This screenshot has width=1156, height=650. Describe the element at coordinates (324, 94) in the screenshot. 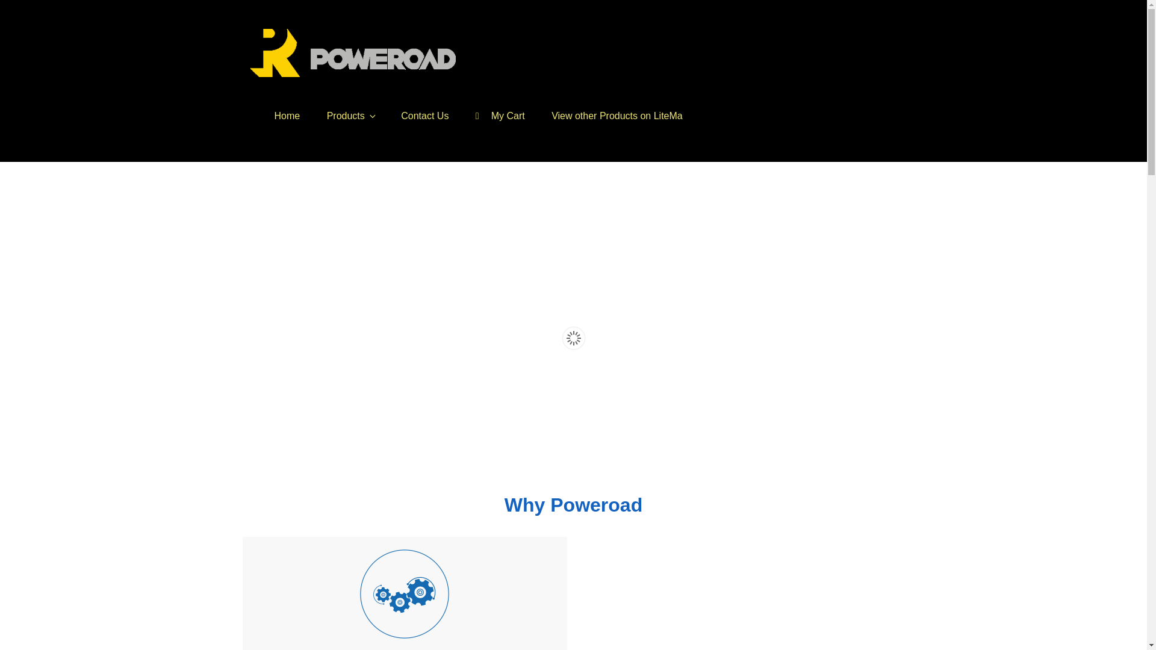

I see `'POWEROAD'` at that location.